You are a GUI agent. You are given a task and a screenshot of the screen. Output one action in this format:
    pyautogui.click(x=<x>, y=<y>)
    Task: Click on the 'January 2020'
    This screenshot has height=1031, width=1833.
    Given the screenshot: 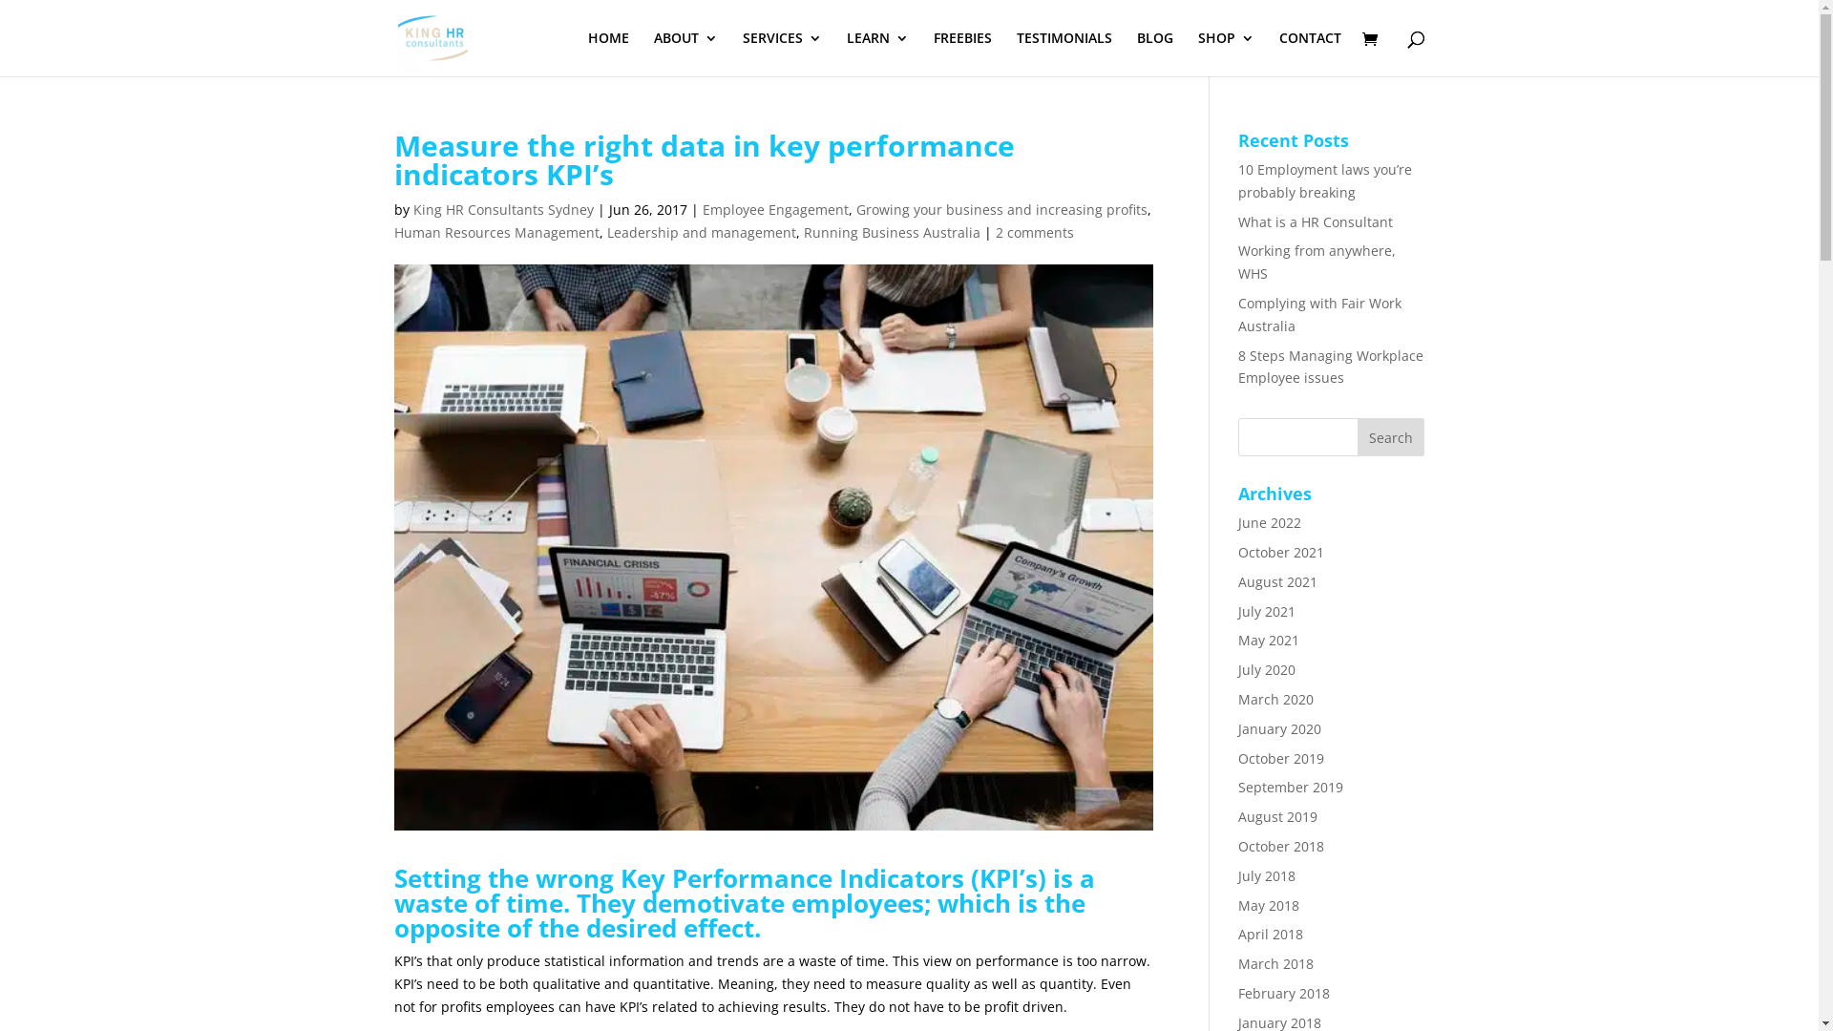 What is the action you would take?
    pyautogui.click(x=1279, y=728)
    